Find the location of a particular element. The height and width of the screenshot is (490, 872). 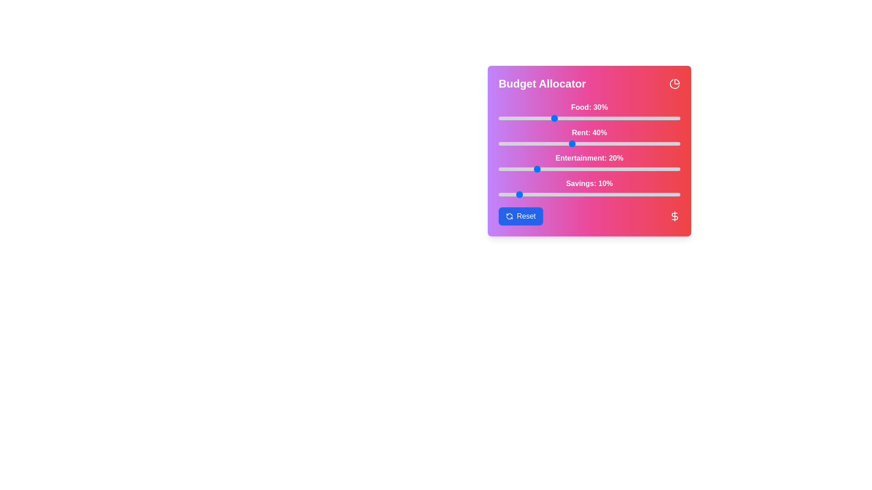

the 'Food' budget slider is located at coordinates (671, 118).